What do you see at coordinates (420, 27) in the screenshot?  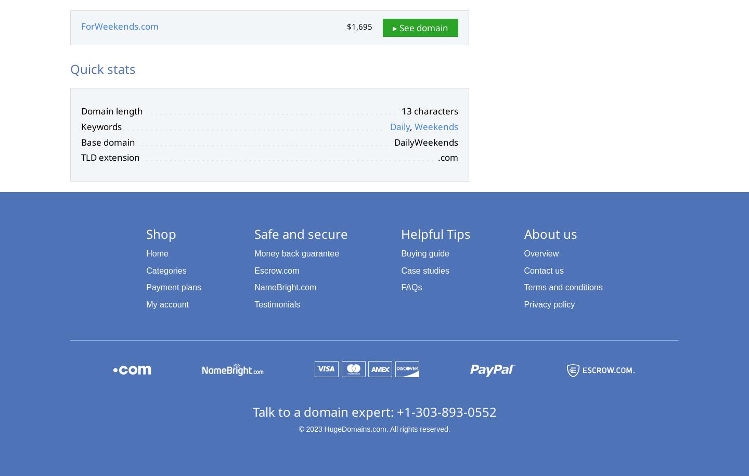 I see `'▸ See domain'` at bounding box center [420, 27].